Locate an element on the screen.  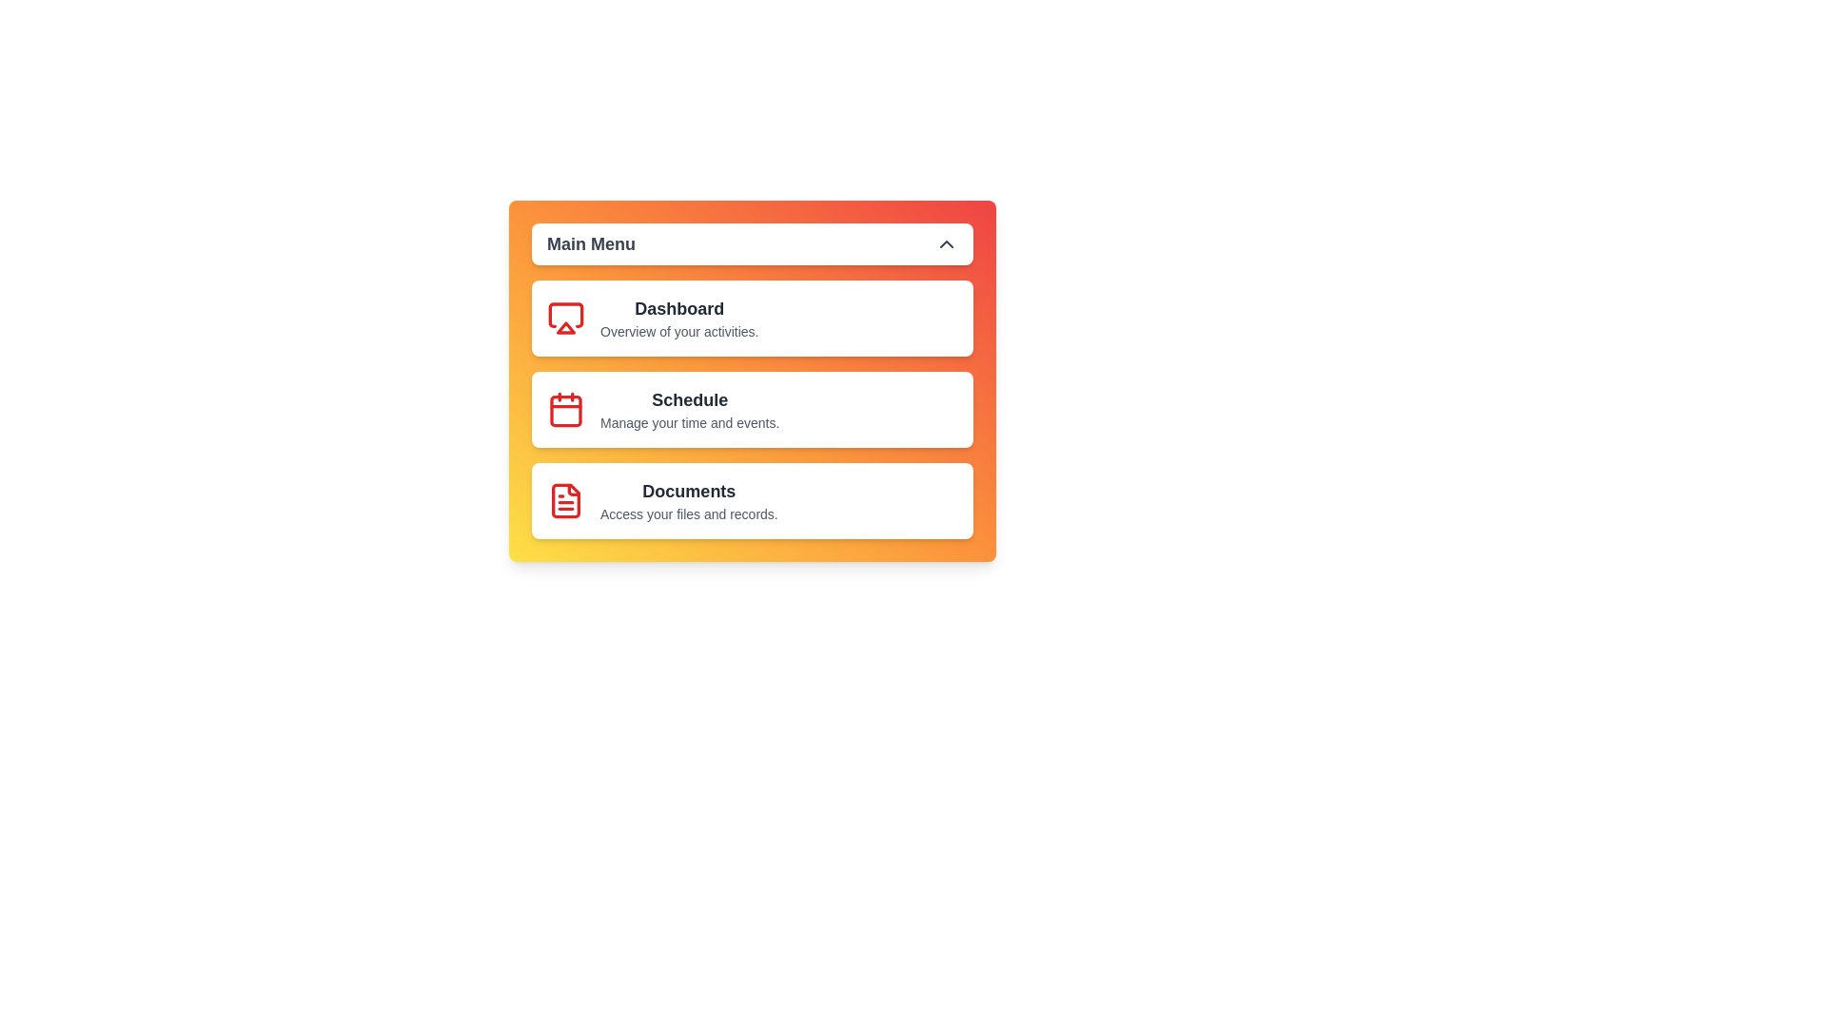
the menu item Schedule to observe the hover effect is located at coordinates (752, 409).